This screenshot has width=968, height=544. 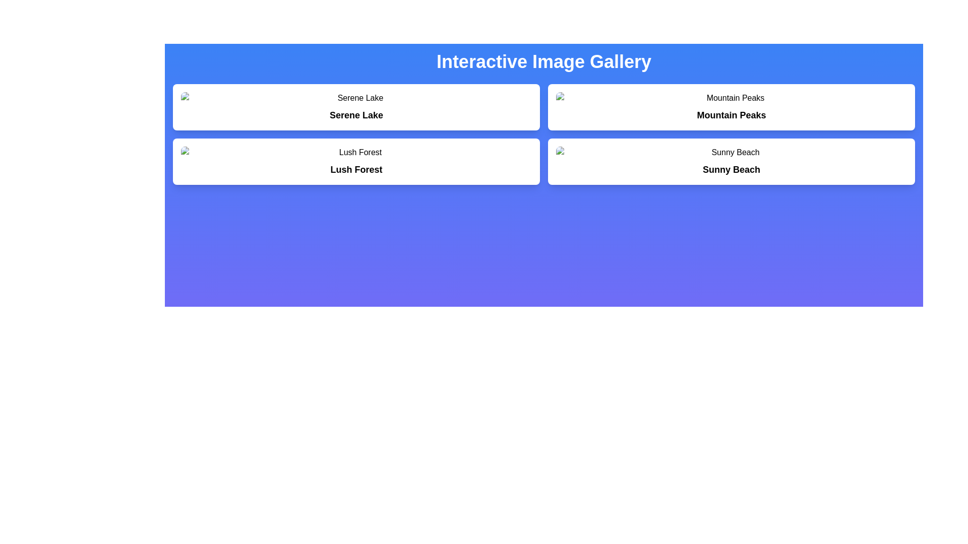 What do you see at coordinates (356, 169) in the screenshot?
I see `text label displaying 'Lush Forest', which serves as the title within the second card of the four-card grid layout` at bounding box center [356, 169].